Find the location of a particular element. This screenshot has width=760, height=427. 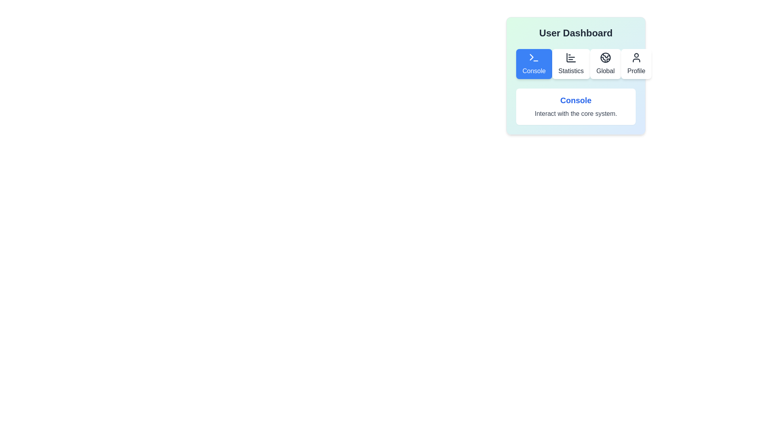

the tab corresponding to Console is located at coordinates (534, 64).